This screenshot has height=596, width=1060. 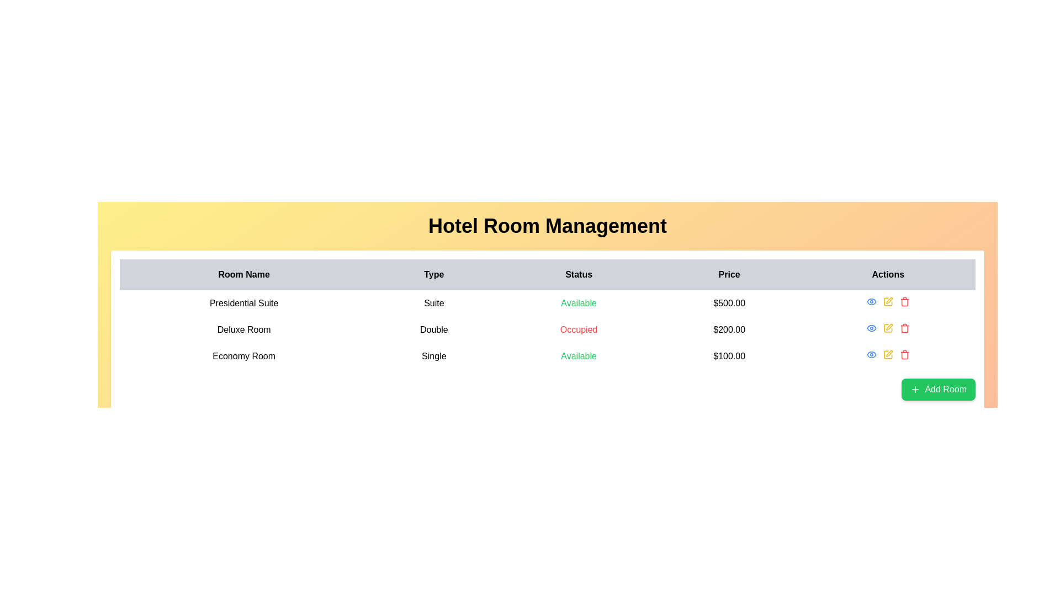 I want to click on the delete button located in the 'Actions' column of the second row of the table to initiate a delete action, so click(x=904, y=327).